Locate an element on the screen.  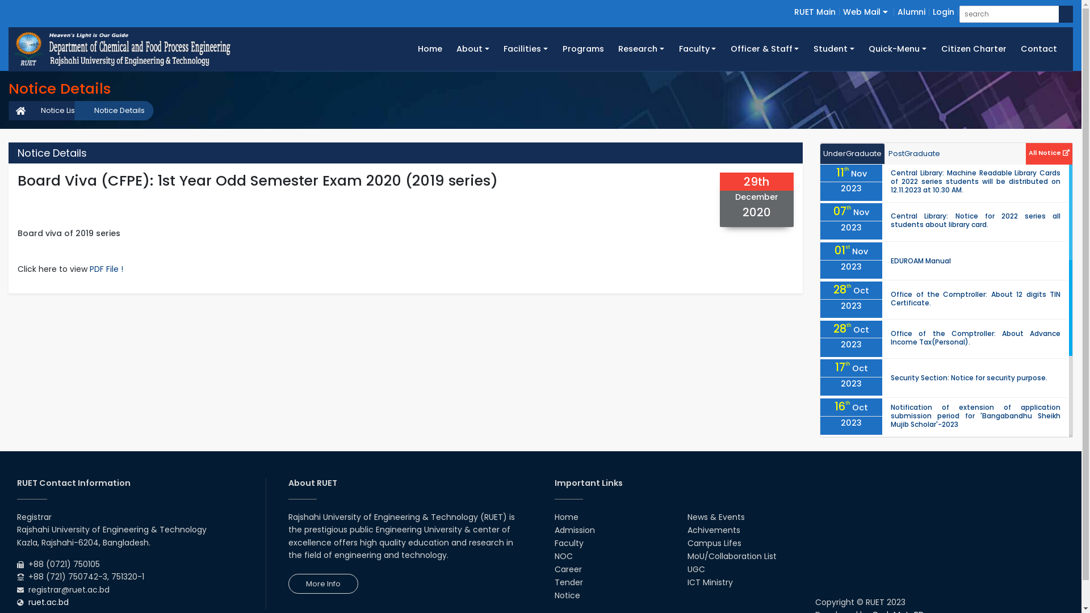
'PDF File !' is located at coordinates (106, 269).